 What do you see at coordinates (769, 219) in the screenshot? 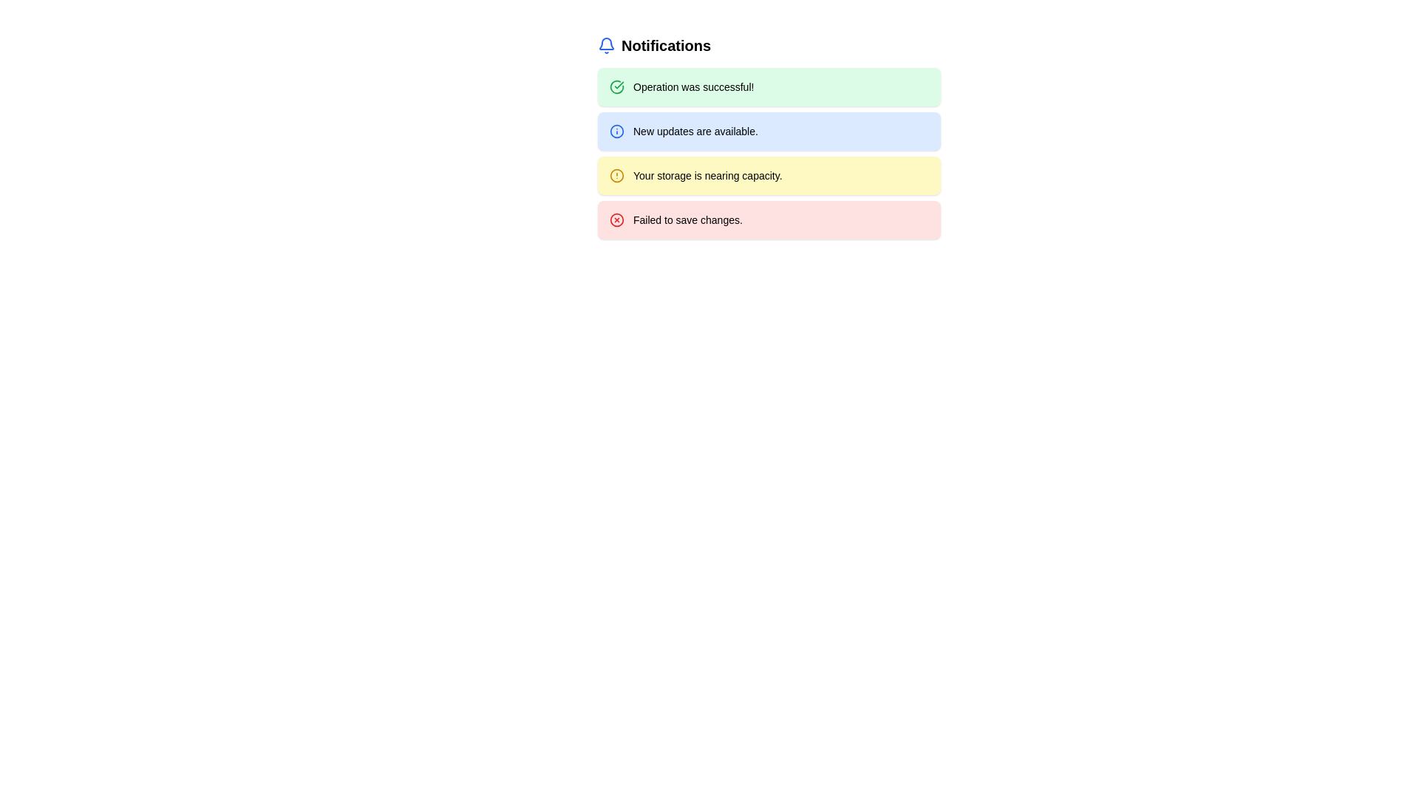
I see `contents of the notification box displaying 'Failed to save changes.' located at the bottom of the notifications list` at bounding box center [769, 219].